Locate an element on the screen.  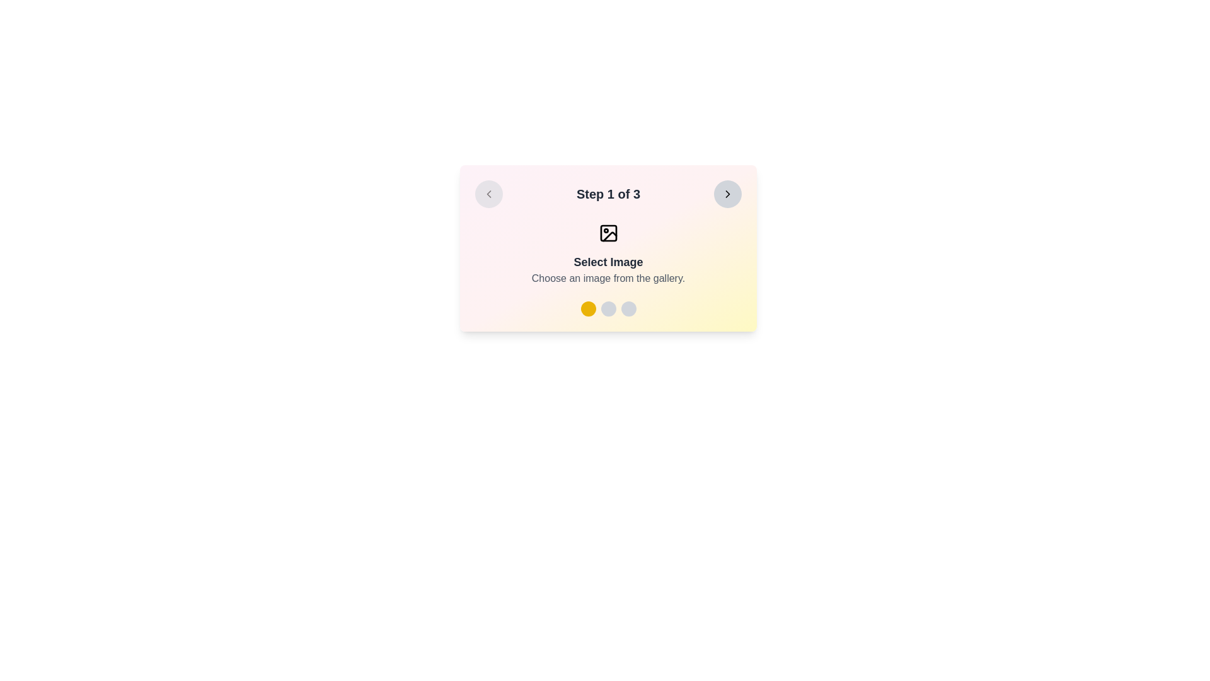
the right-pointing chevron-shaped icon located within a circular button on the right side of the card is located at coordinates (728, 194).